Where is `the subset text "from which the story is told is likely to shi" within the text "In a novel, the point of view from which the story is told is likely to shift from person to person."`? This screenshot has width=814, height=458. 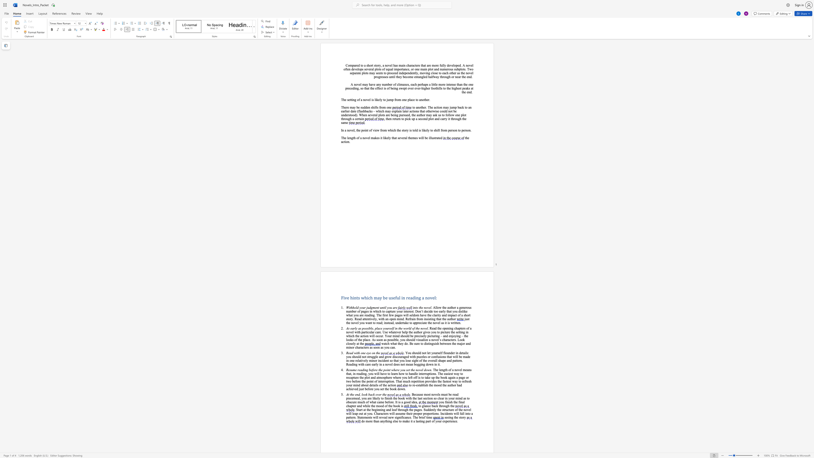
the subset text "from which the story is told is likely to shi" within the text "In a novel, the point of view from which the story is told is likely to shift from person to person." is located at coordinates (380, 130).